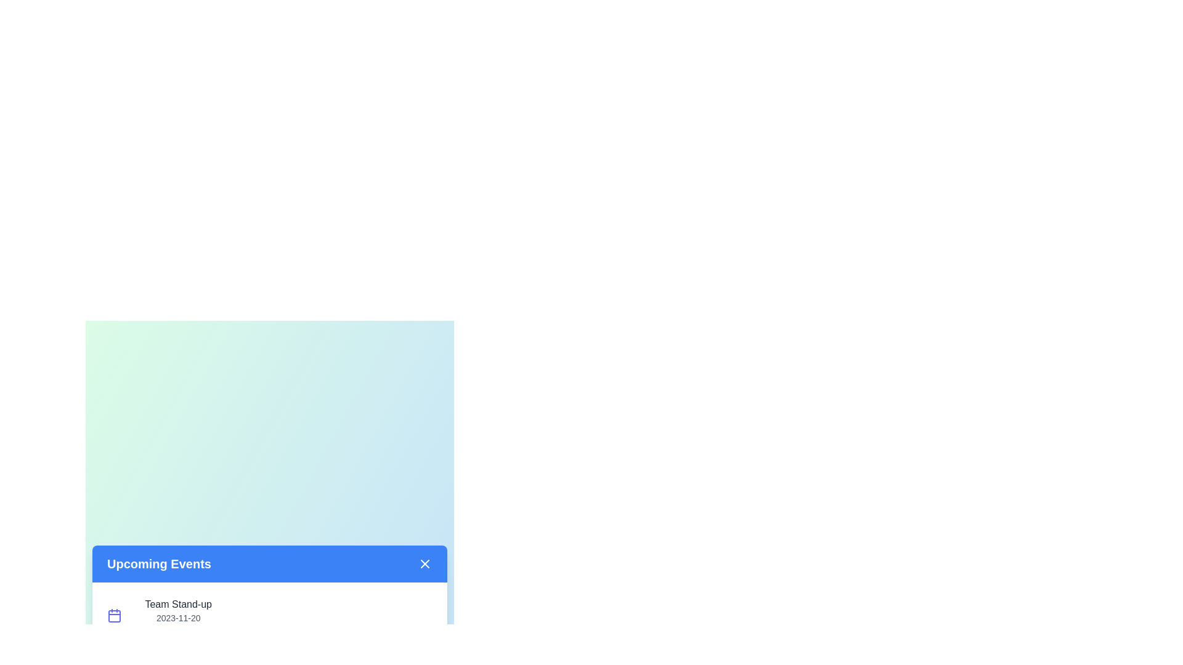 Image resolution: width=1183 pixels, height=665 pixels. I want to click on the event title 'Team Stand-up' to interact with it, so click(177, 604).